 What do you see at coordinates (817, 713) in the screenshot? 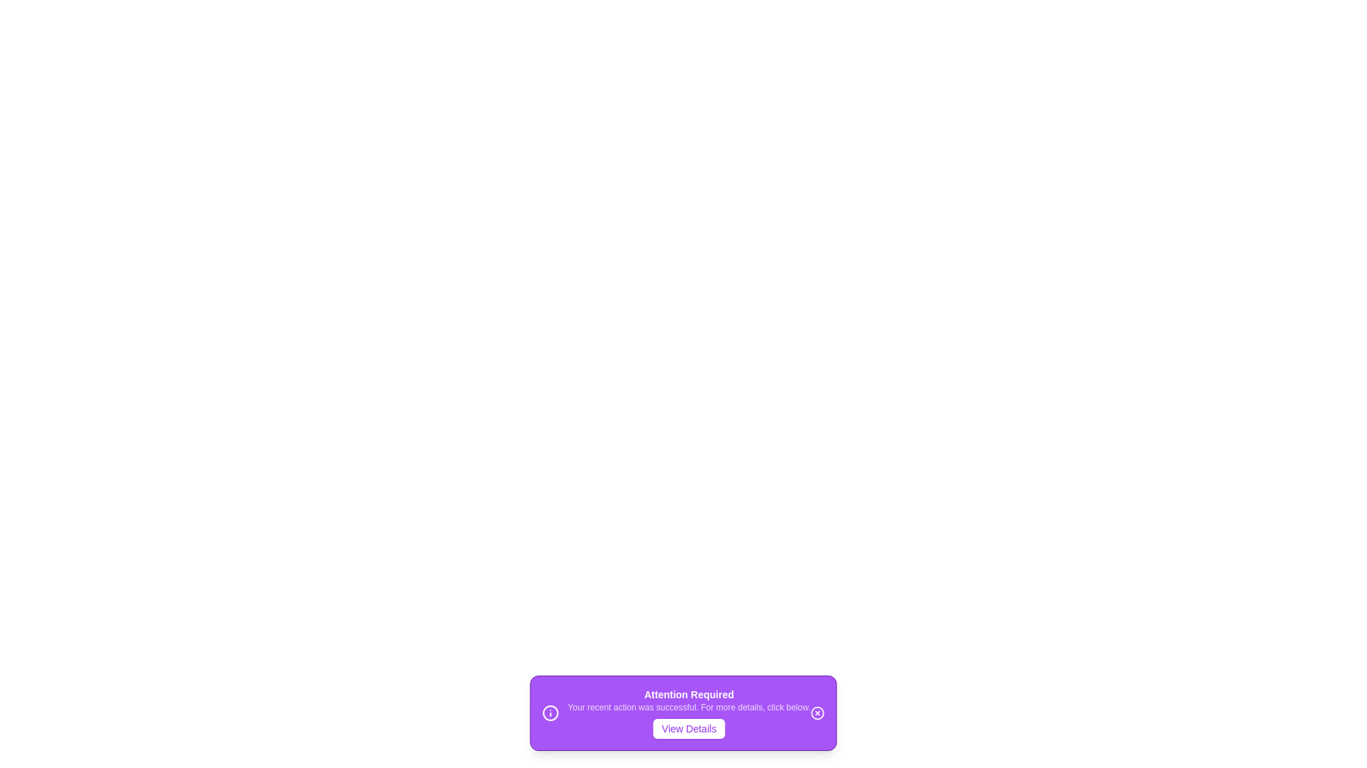
I see `the dismiss button of the snackbar to dismiss it` at bounding box center [817, 713].